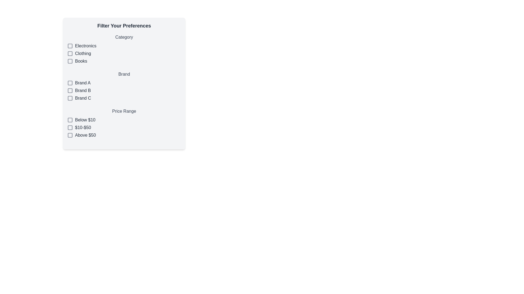 The image size is (524, 294). Describe the element at coordinates (70, 53) in the screenshot. I see `the empty square-shaped checkbox next to the 'Clothing' label in the 'Category' section` at that location.